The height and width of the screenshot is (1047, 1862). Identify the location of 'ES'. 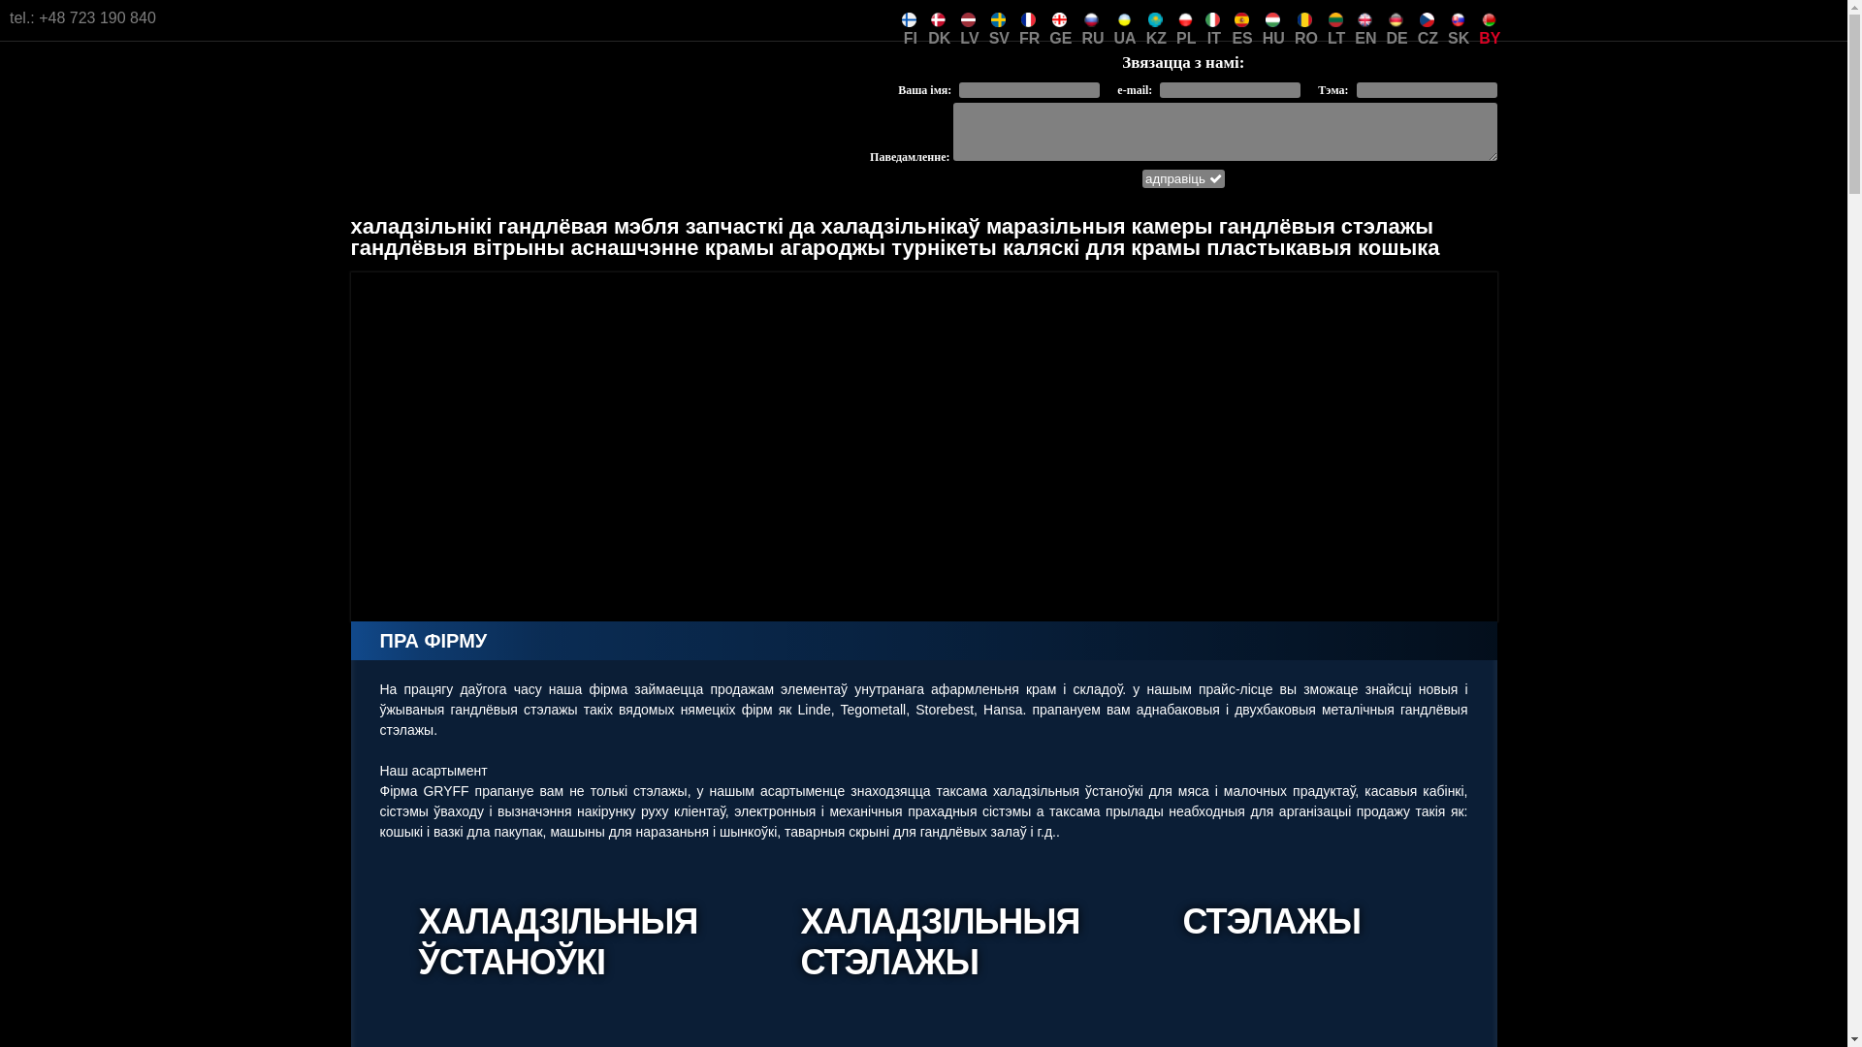
(1241, 18).